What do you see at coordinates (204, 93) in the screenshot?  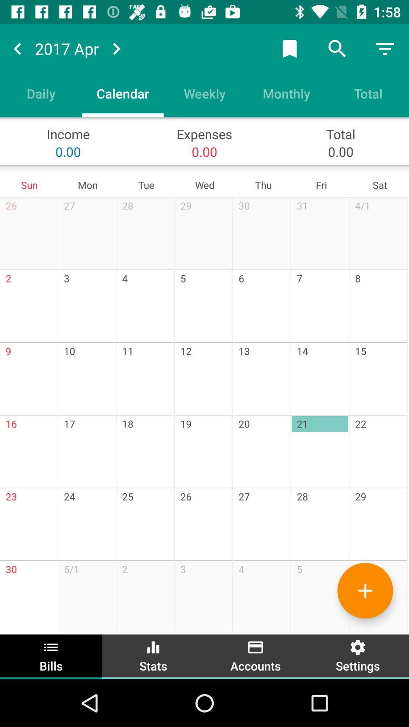 I see `item to the left of monthly item` at bounding box center [204, 93].